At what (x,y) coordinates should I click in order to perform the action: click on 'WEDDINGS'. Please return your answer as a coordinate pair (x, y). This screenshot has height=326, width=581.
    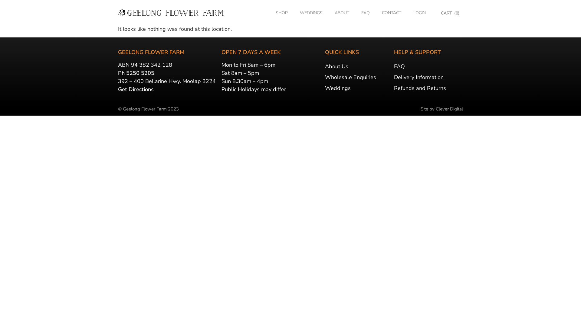
    Looking at the image, I should click on (311, 13).